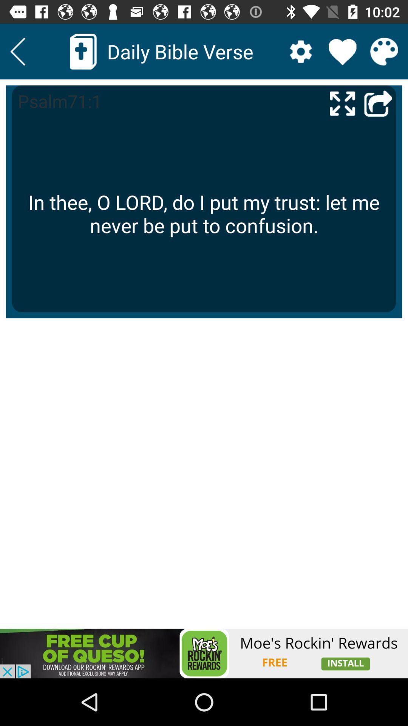 Image resolution: width=408 pixels, height=726 pixels. I want to click on open settings, so click(300, 51).